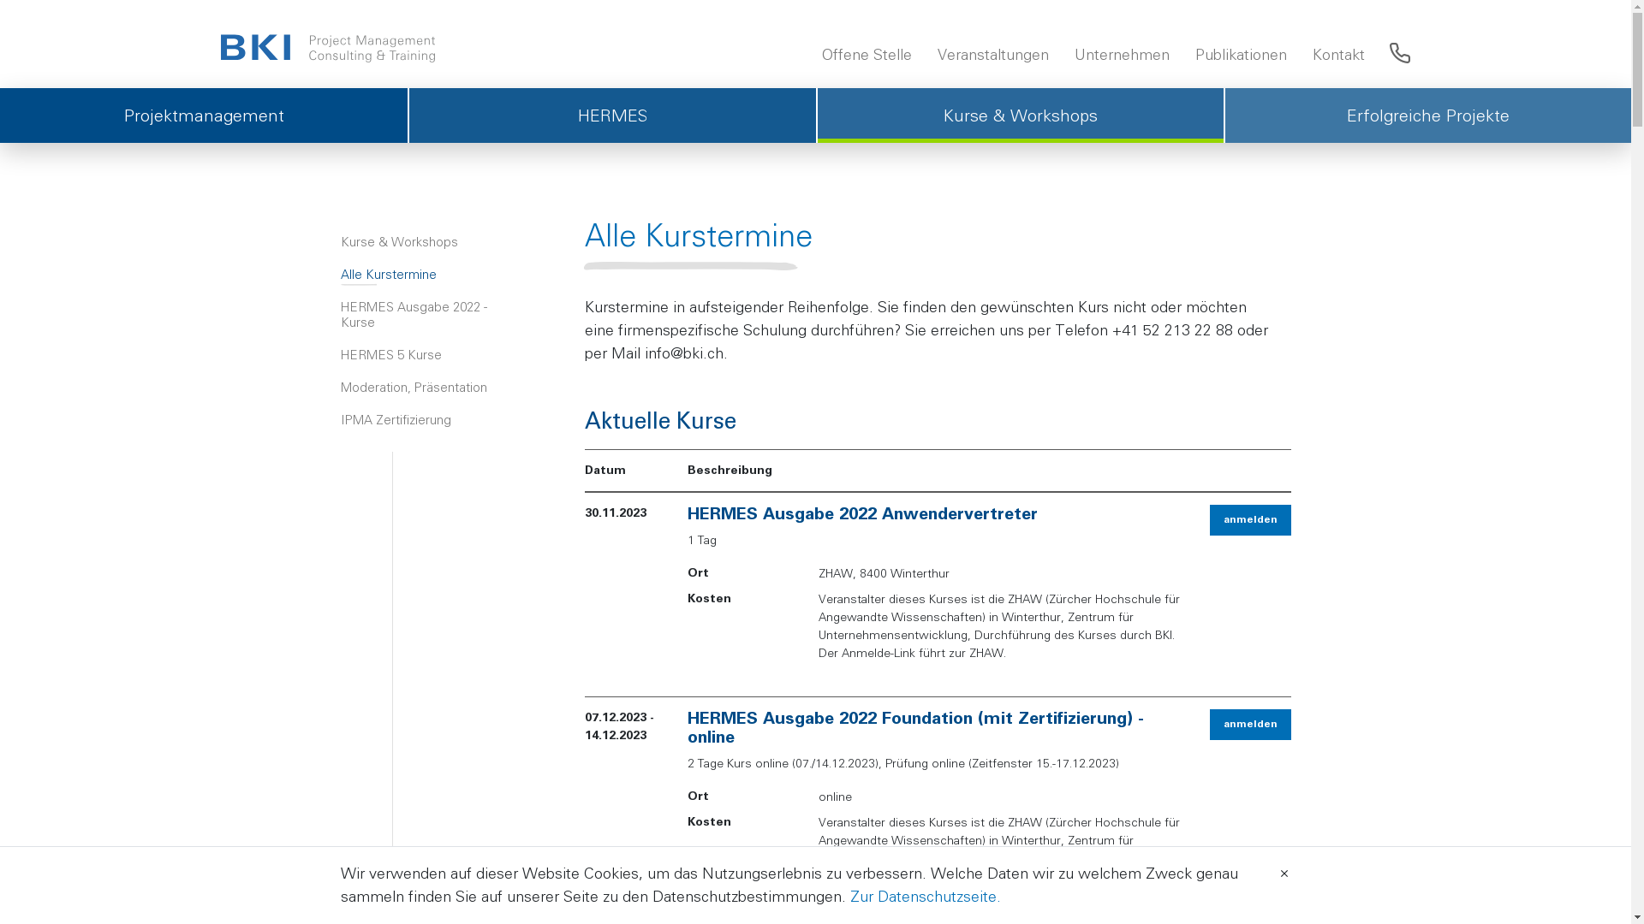 The width and height of the screenshot is (1644, 924). I want to click on 'HERMES Ausgabe 2022 Foundation (mit Zertifizierung) - online', so click(914, 728).